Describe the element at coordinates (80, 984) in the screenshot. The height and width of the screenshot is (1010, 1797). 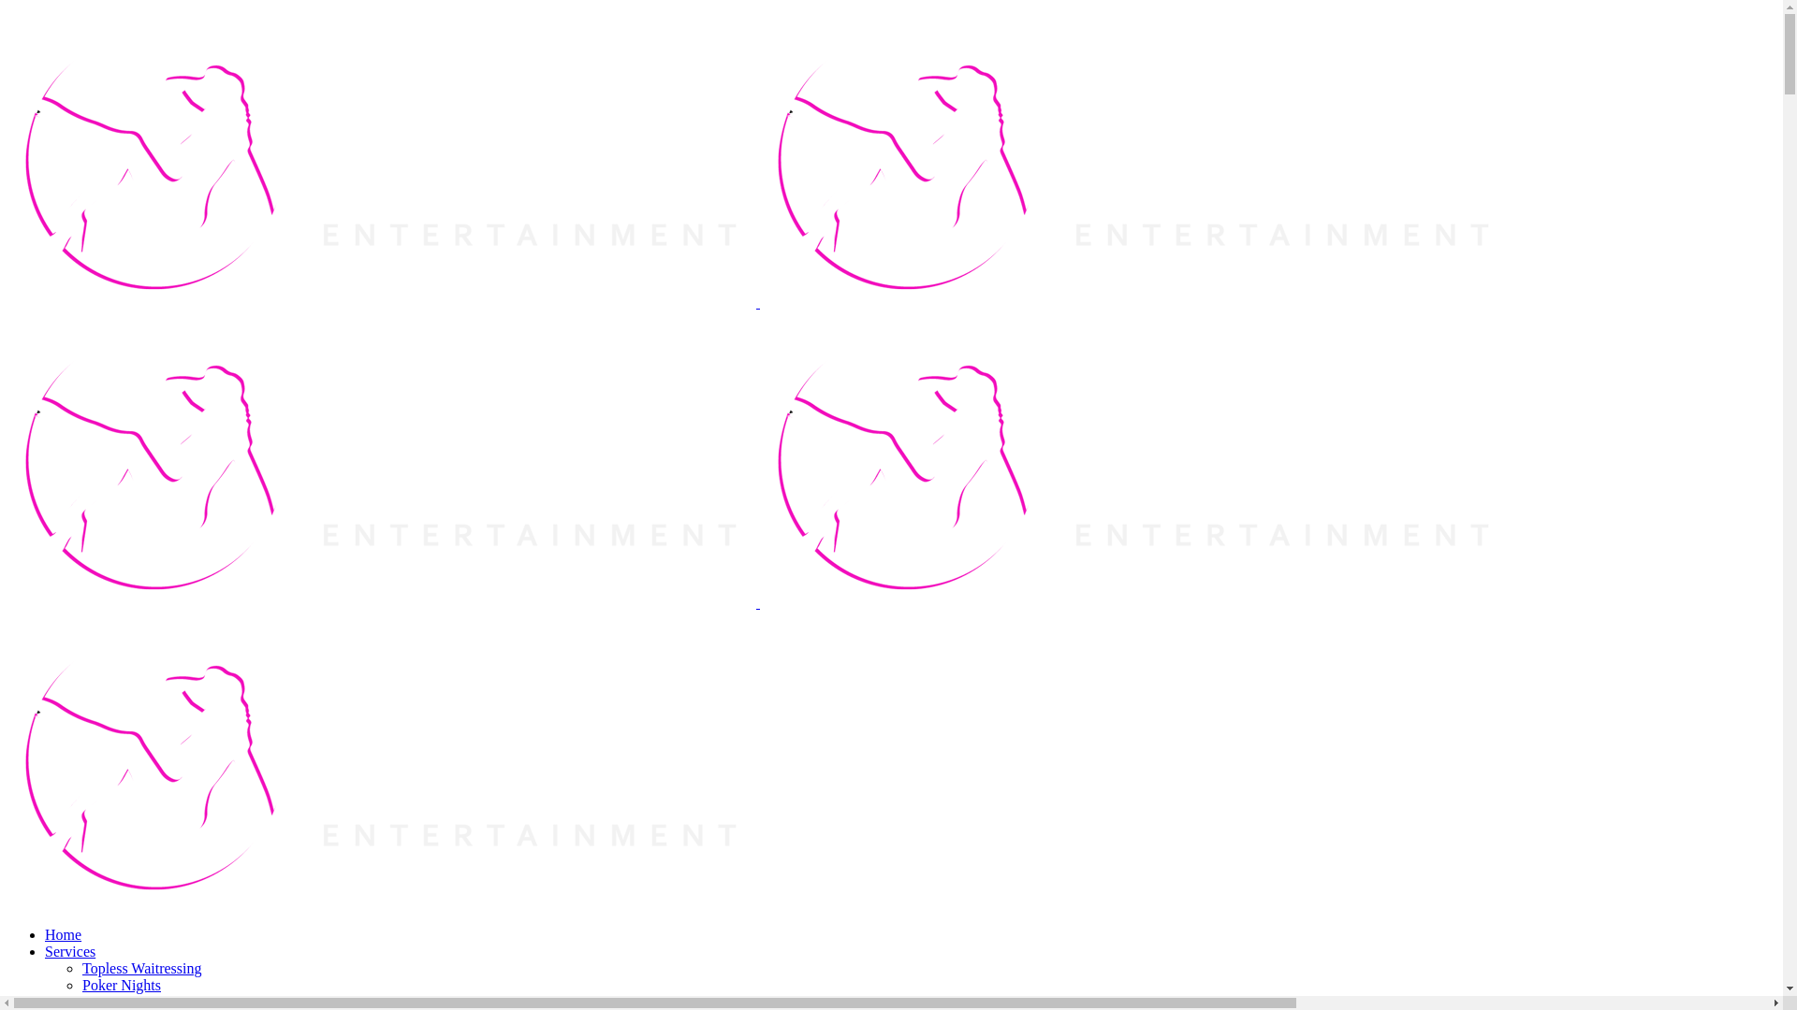
I see `'Poker Nights'` at that location.